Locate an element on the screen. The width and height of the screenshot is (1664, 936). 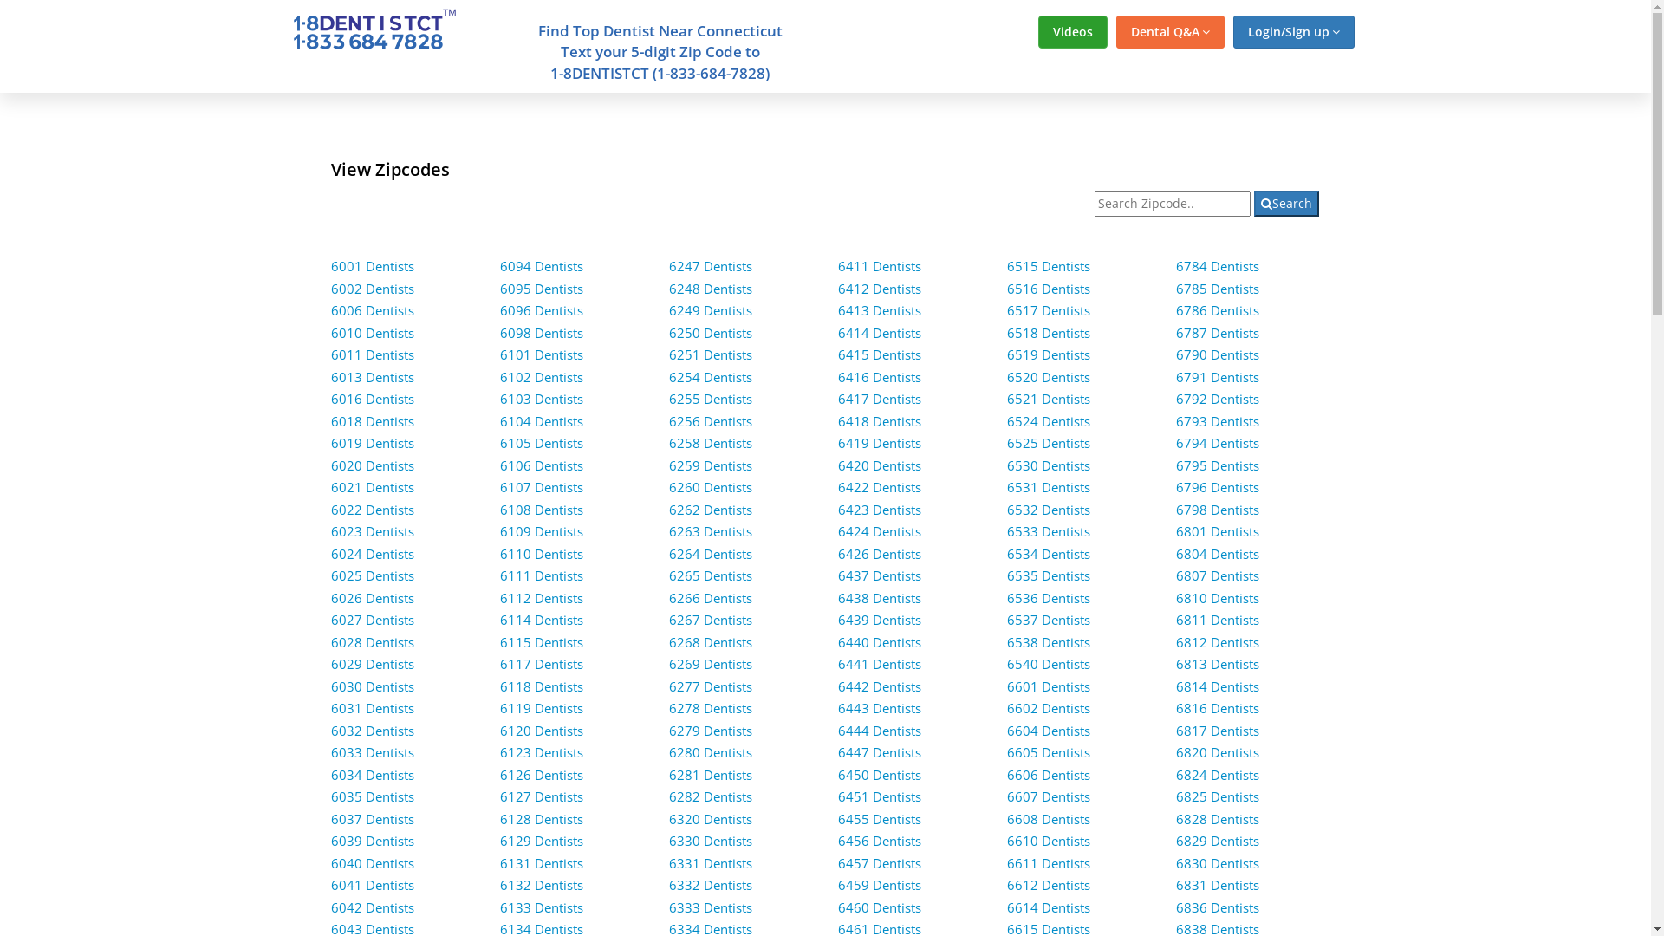
'6533 Dentists' is located at coordinates (1047, 530).